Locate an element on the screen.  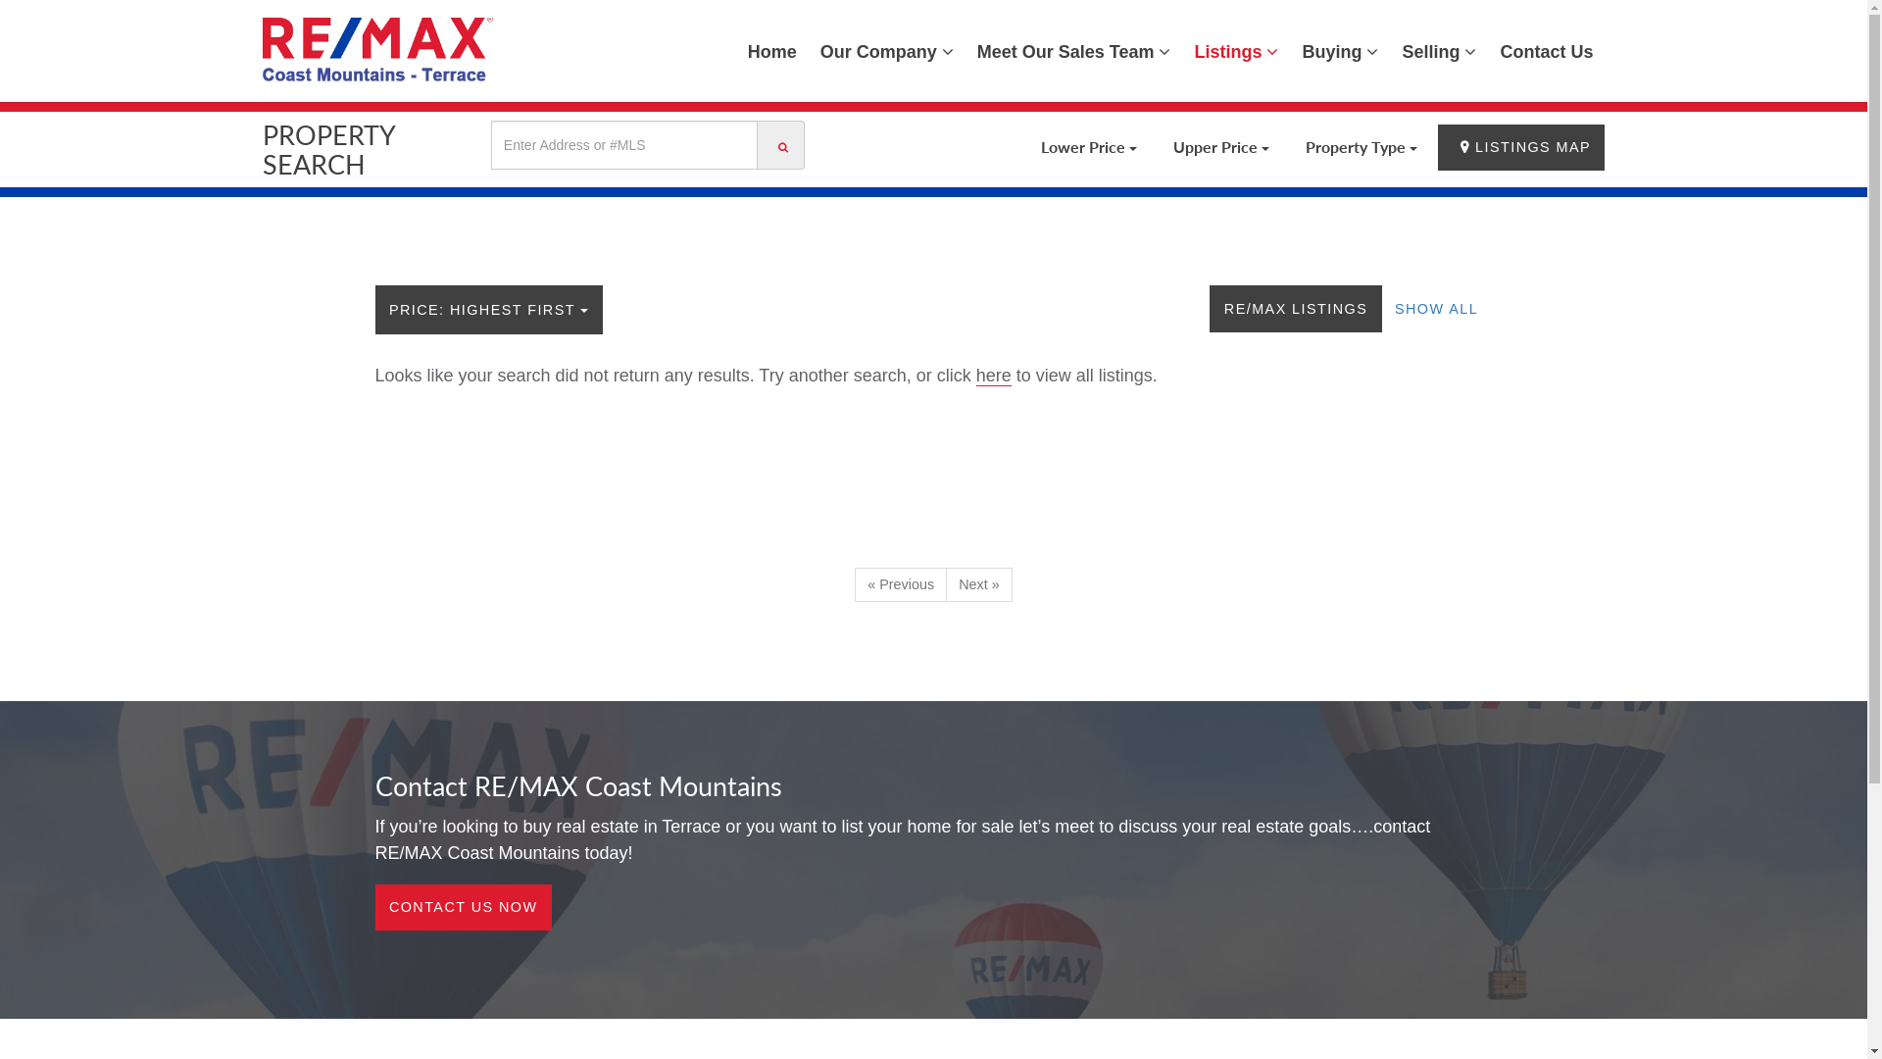
'Upper Price' is located at coordinates (1220, 146).